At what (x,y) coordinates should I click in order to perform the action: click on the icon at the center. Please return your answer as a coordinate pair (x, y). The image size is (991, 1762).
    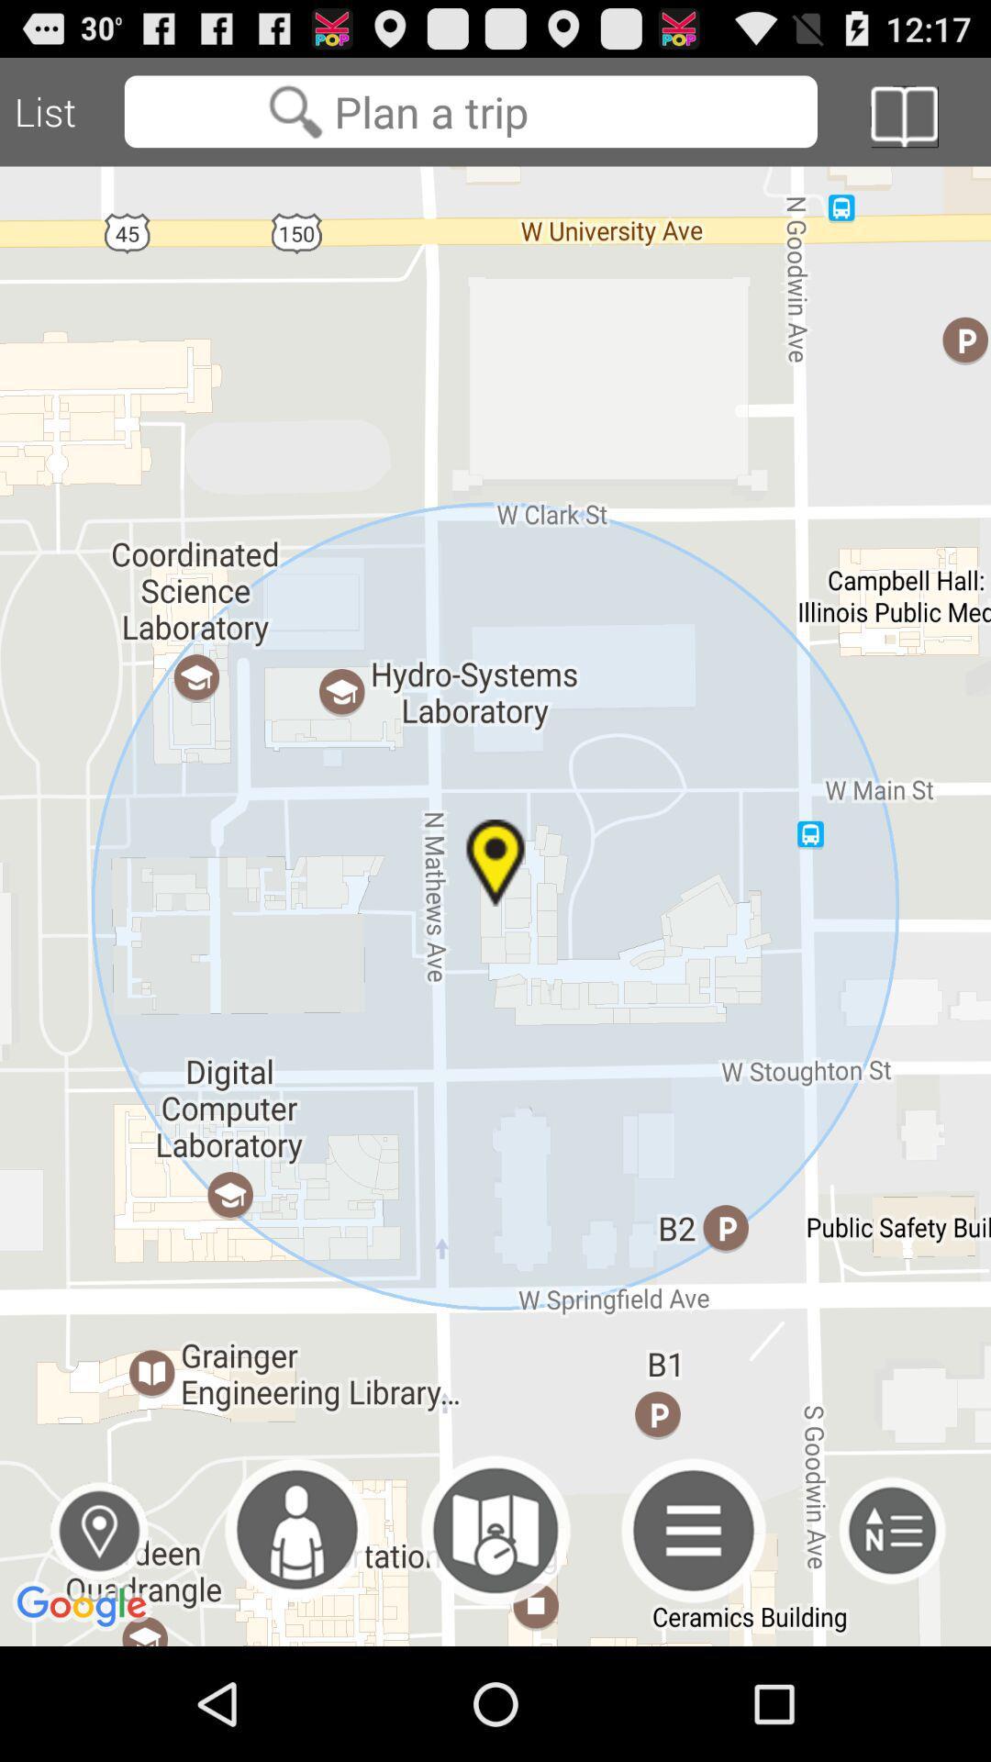
    Looking at the image, I should click on (495, 906).